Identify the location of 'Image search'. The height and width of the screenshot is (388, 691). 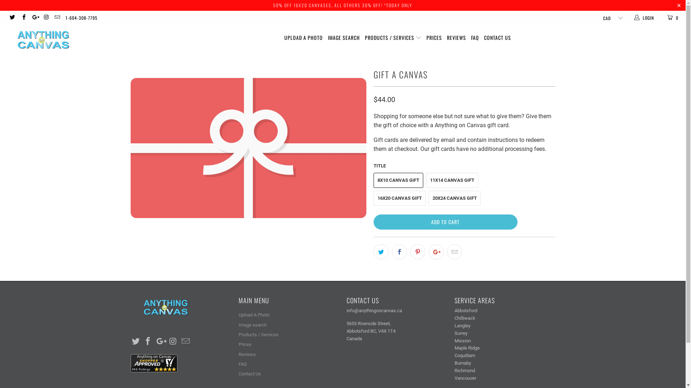
(238, 325).